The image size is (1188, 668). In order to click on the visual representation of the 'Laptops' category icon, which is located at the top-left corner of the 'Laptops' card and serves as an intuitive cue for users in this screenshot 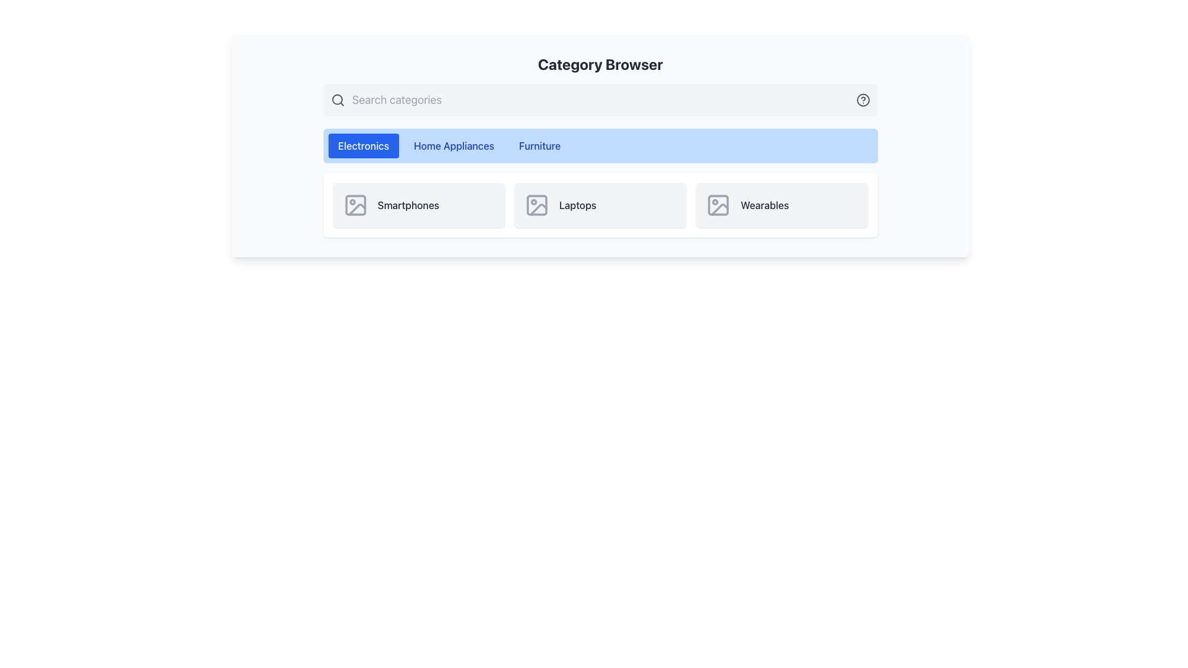, I will do `click(536, 204)`.